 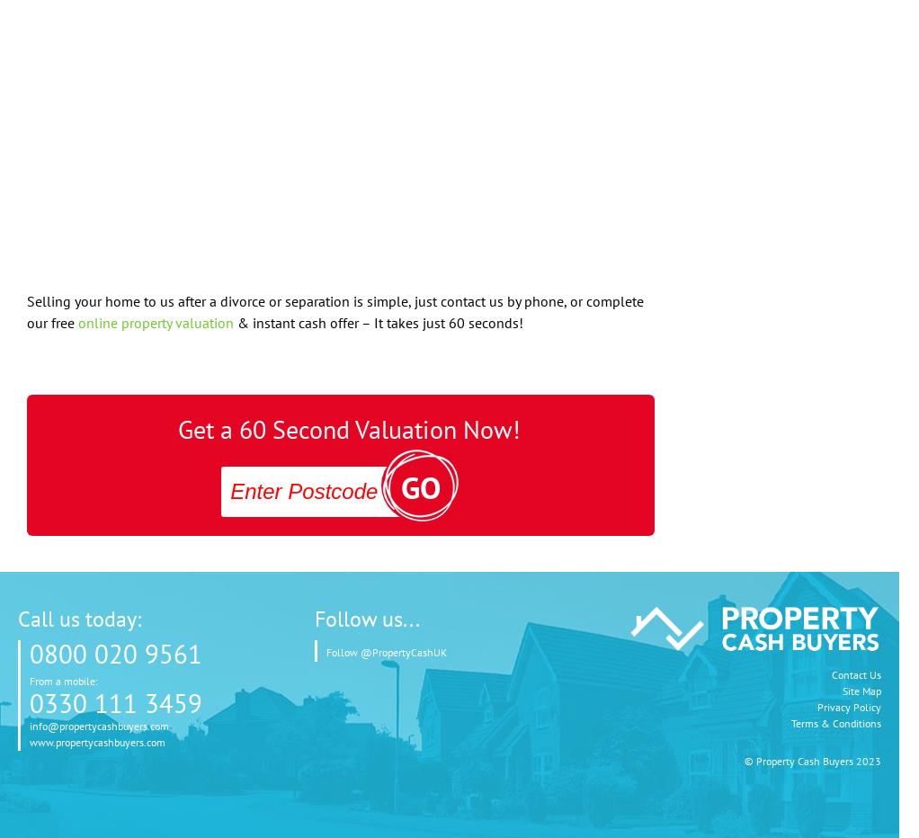 I want to click on 'info@propertycashbuyers.com', so click(x=99, y=726).